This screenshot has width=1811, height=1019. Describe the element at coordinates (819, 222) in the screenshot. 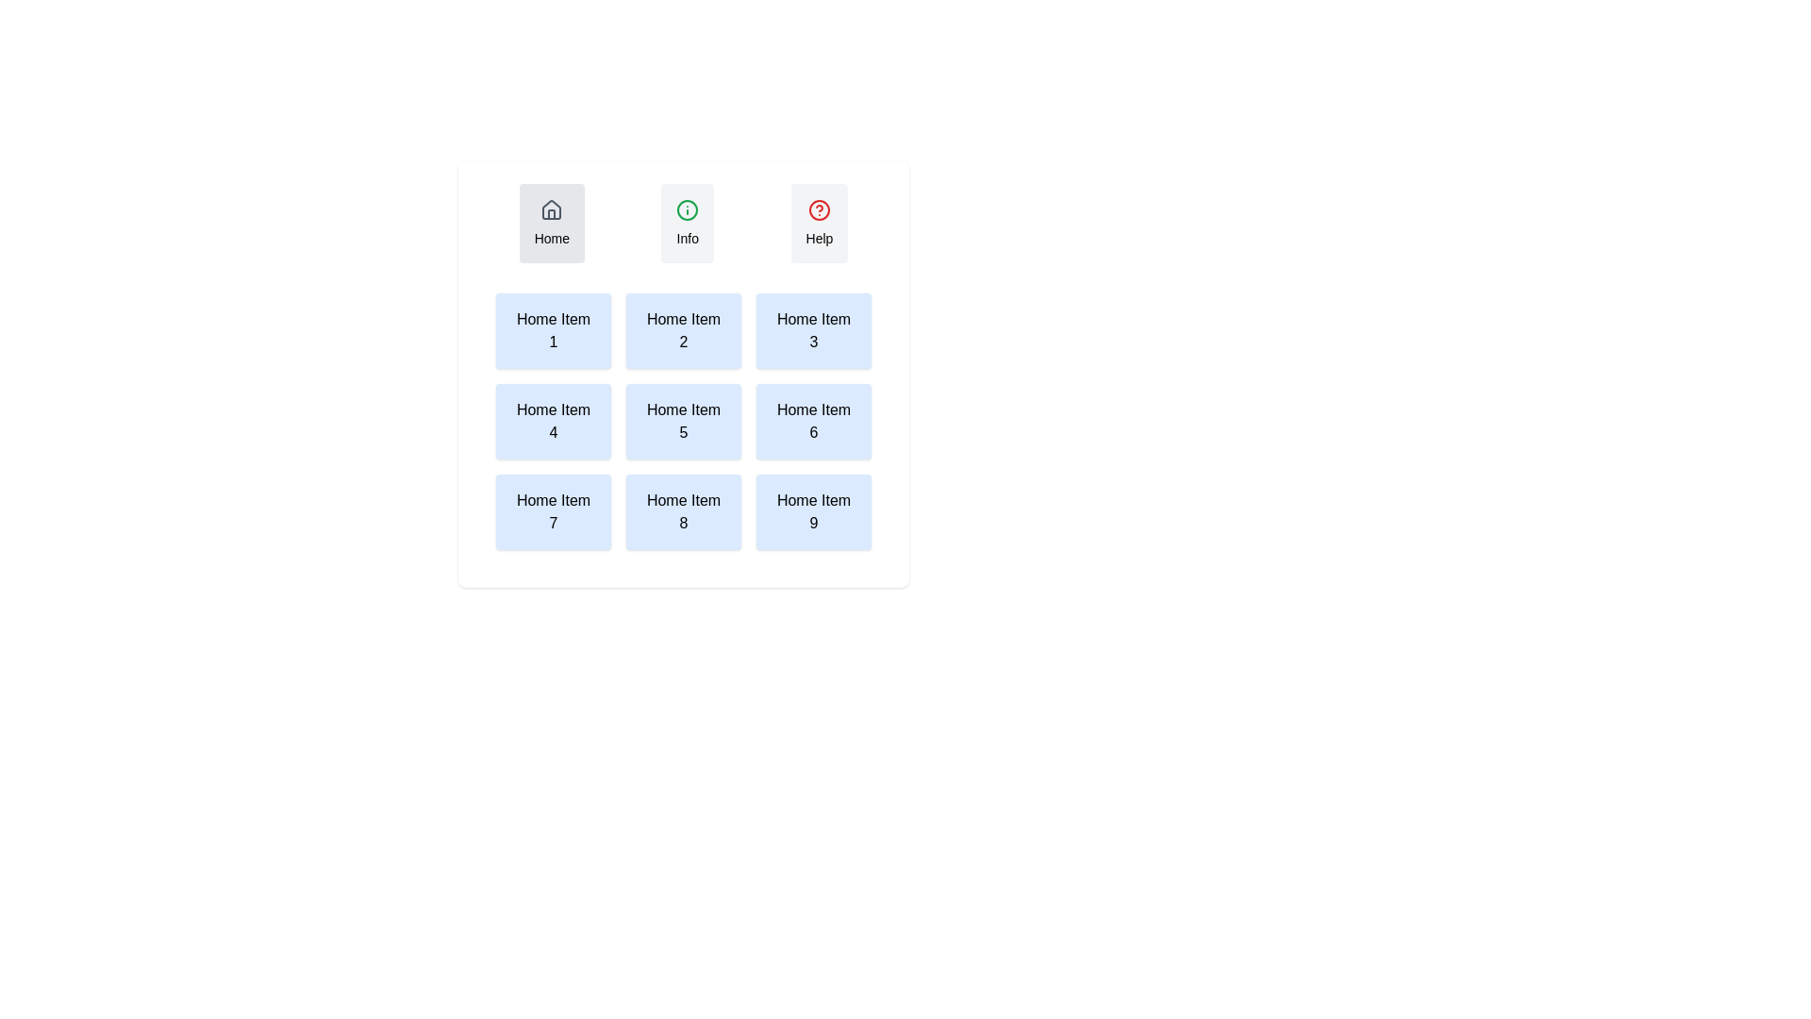

I see `the Help tab to observe its hover effect` at that location.